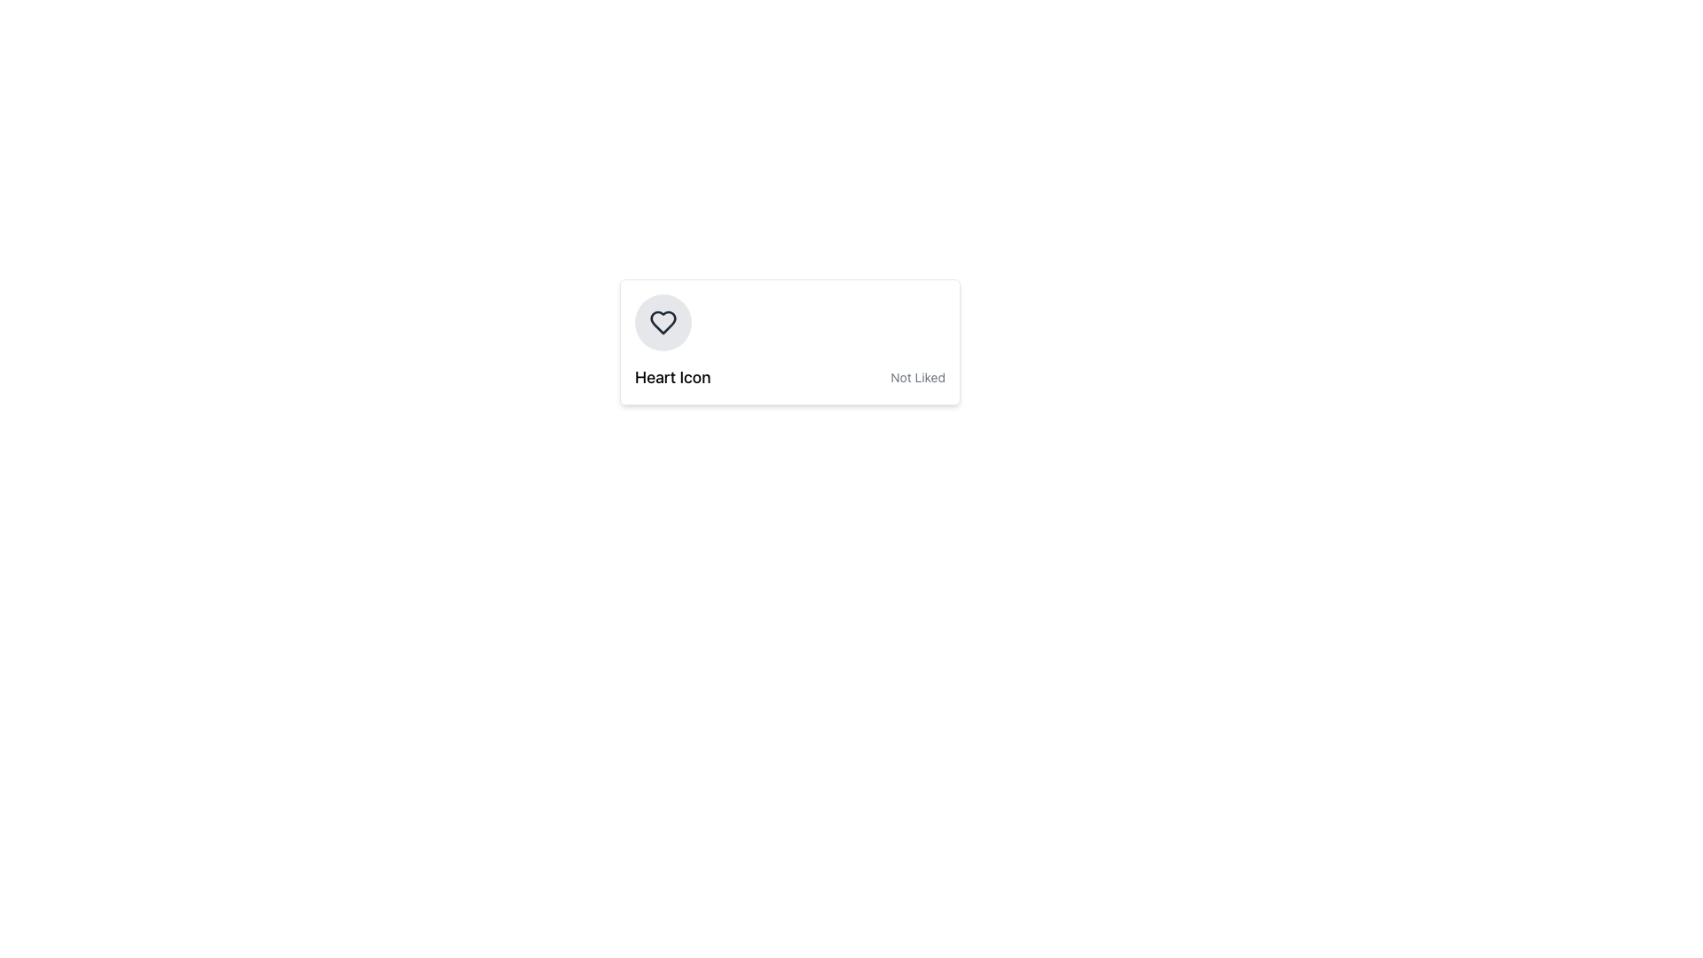 This screenshot has height=958, width=1703. What do you see at coordinates (663, 322) in the screenshot?
I see `the heart icon within the SVG element` at bounding box center [663, 322].